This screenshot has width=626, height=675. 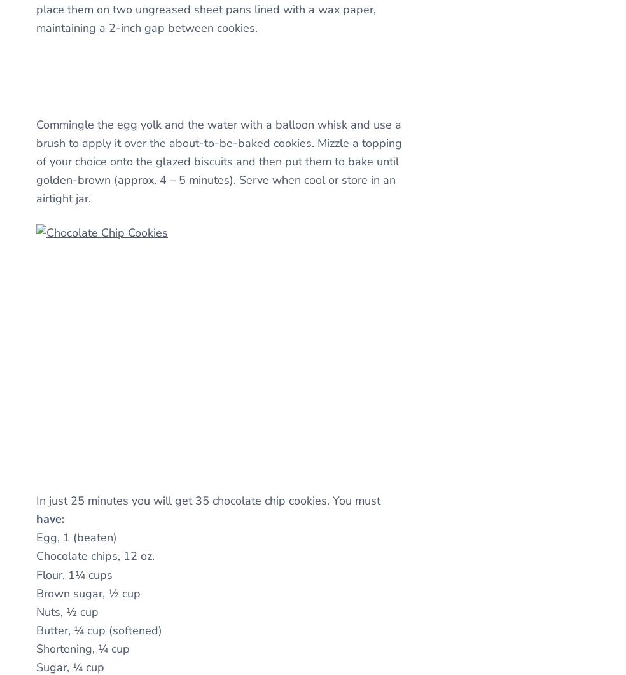 What do you see at coordinates (66, 610) in the screenshot?
I see `'Nuts, ½ cup'` at bounding box center [66, 610].